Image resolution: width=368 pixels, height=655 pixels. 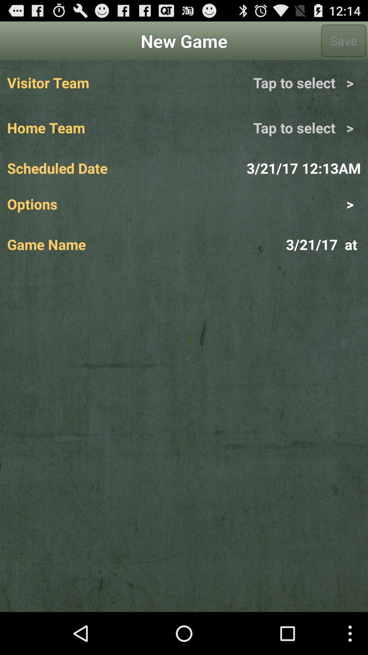 What do you see at coordinates (272, 203) in the screenshot?
I see `>   icon` at bounding box center [272, 203].